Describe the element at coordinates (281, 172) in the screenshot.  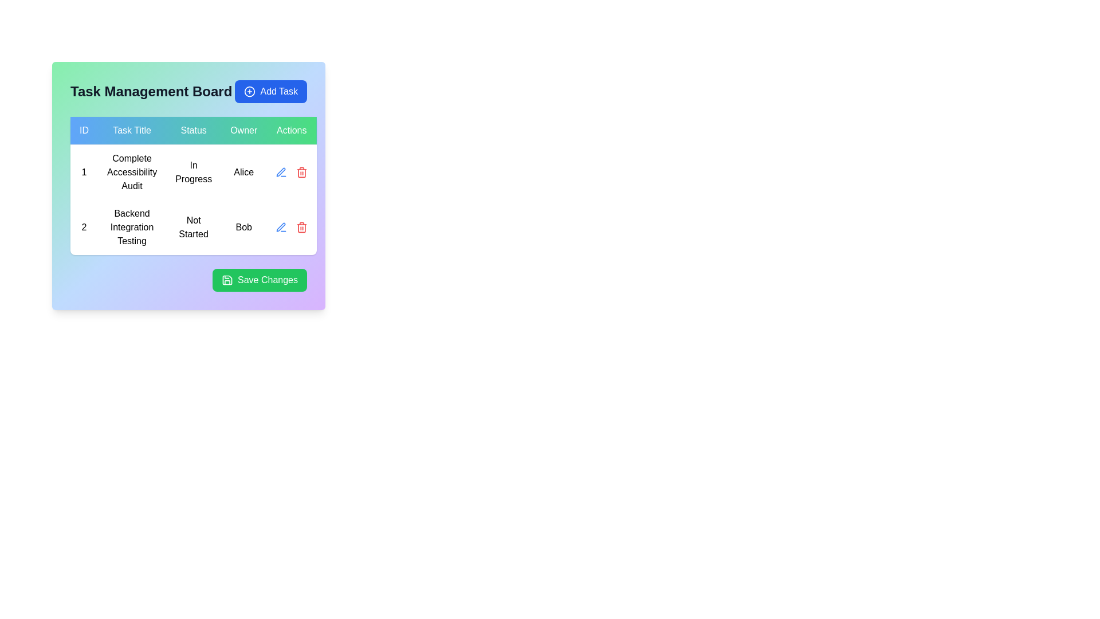
I see `the blue edit icon button located in the 'Actions' column of the first row in the task management table` at that location.